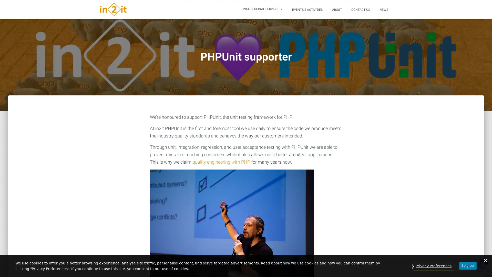  I want to click on Privacy Preferences, so click(433, 265).